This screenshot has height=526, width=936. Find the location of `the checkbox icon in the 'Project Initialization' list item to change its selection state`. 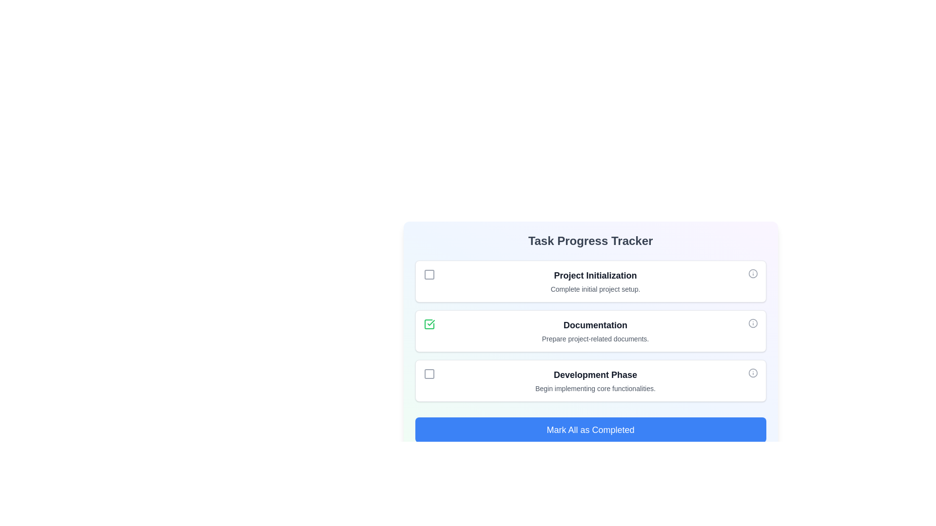

the checkbox icon in the 'Project Initialization' list item to change its selection state is located at coordinates (429, 274).